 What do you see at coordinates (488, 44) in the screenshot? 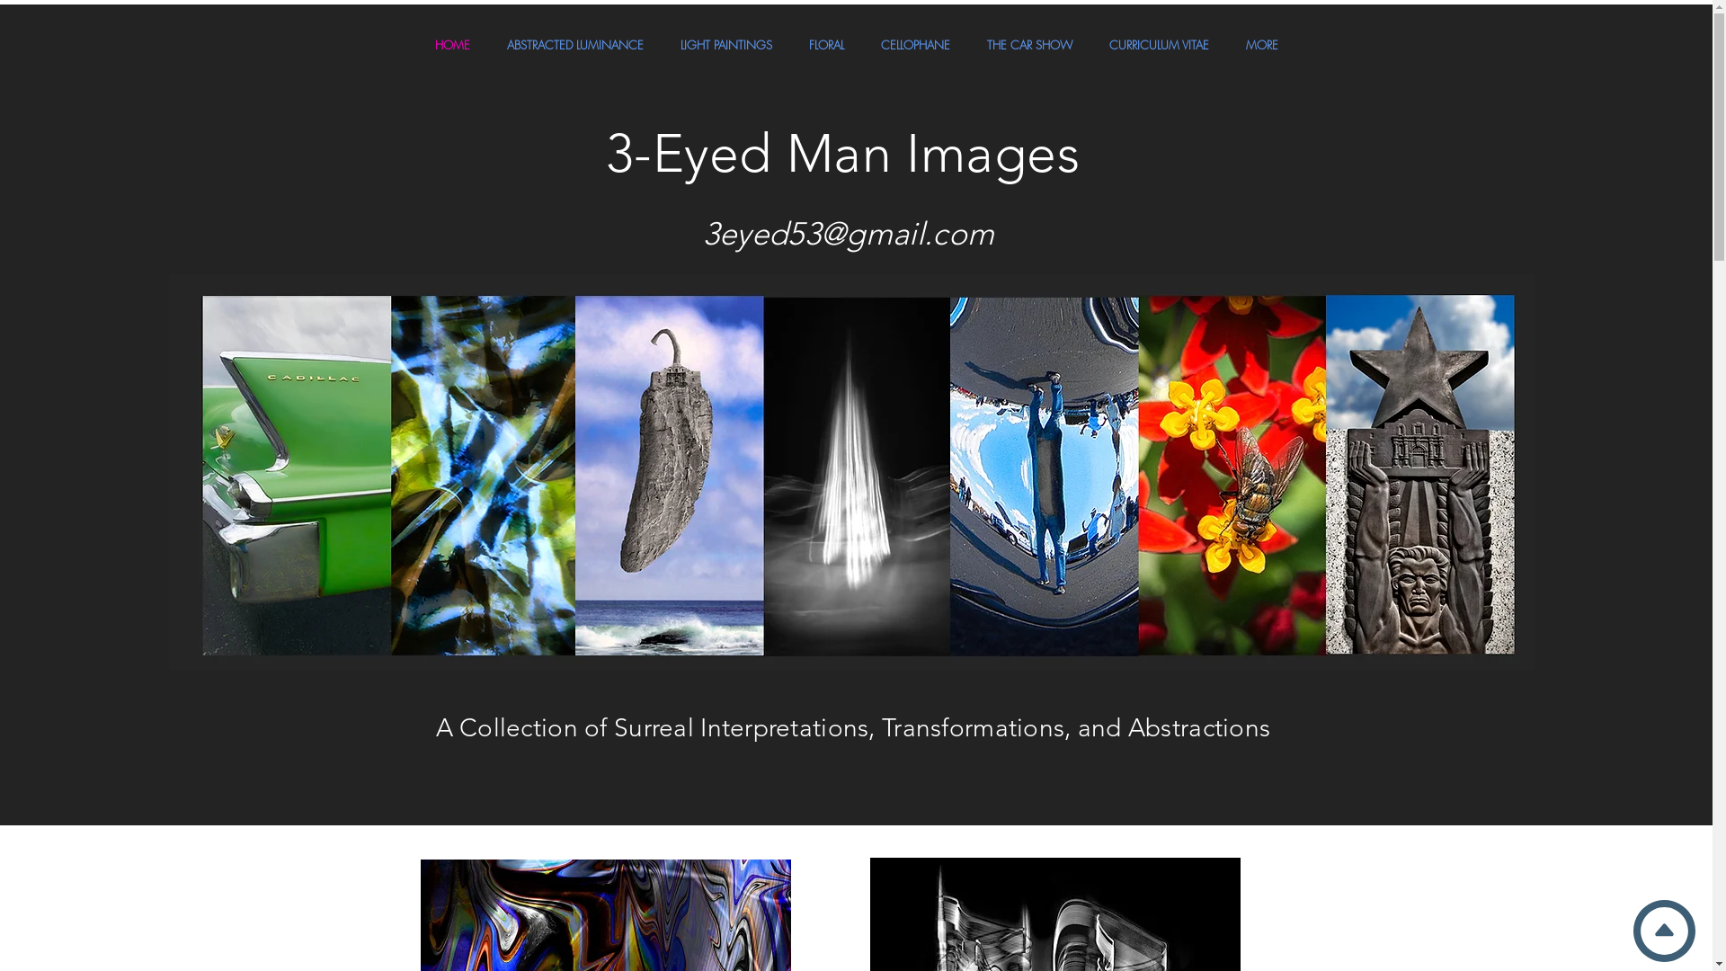
I see `'ABSTRACTED LUMINANCE'` at bounding box center [488, 44].